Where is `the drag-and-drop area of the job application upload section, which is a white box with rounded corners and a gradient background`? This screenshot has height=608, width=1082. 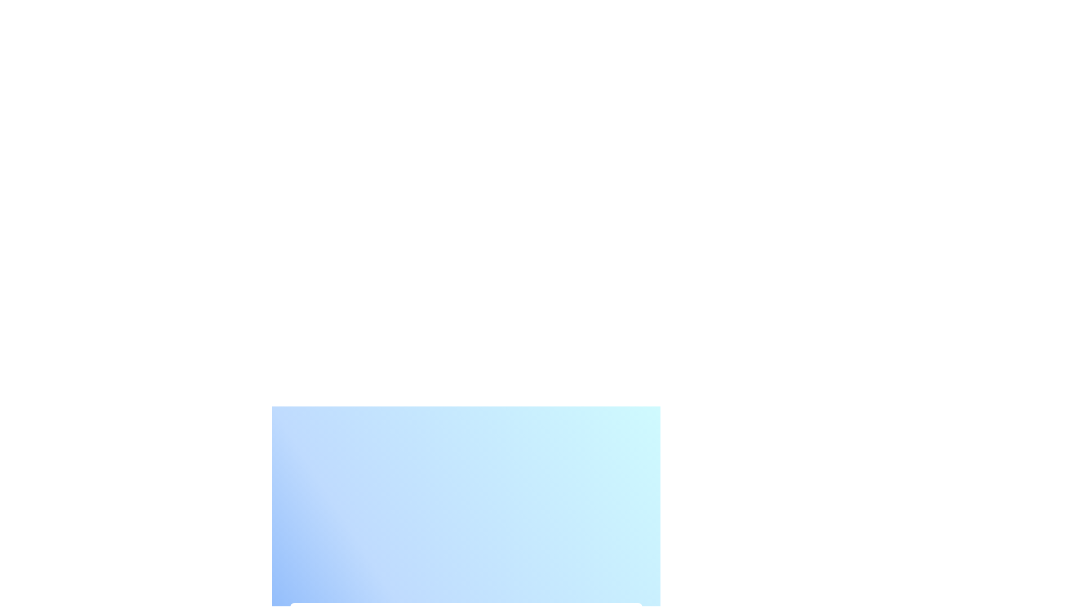 the drag-and-drop area of the job application upload section, which is a white box with rounded corners and a gradient background is located at coordinates (466, 499).